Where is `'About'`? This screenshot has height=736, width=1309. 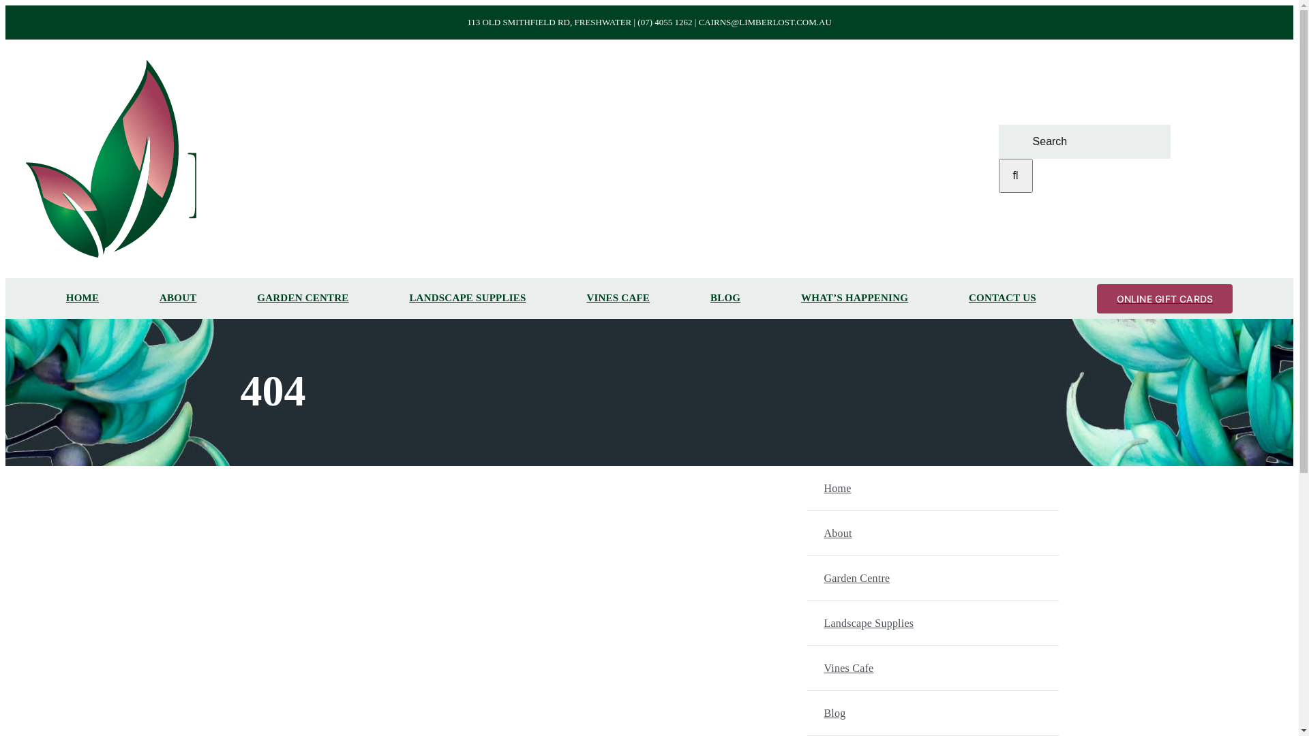
'About' is located at coordinates (948, 532).